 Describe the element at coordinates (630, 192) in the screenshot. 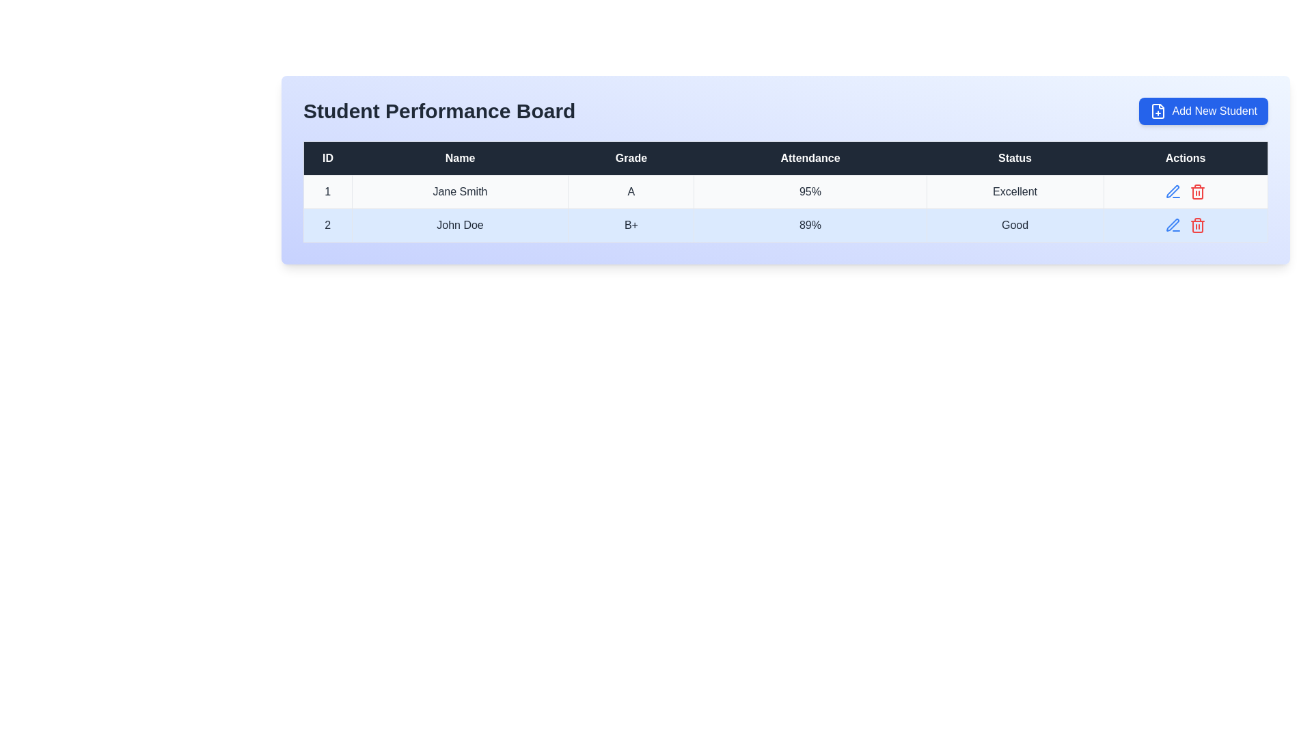

I see `the text content displaying the grade 'A' awarded to the student Jane Smith, which is located in the third cell of the row under the 'Grade' column` at that location.